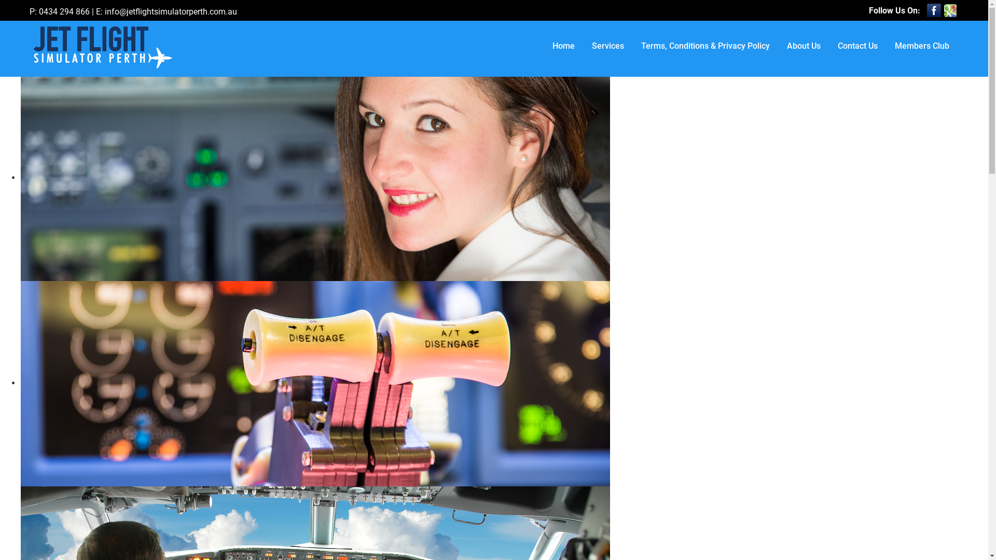 The height and width of the screenshot is (560, 996). What do you see at coordinates (922, 45) in the screenshot?
I see `'Members Club'` at bounding box center [922, 45].